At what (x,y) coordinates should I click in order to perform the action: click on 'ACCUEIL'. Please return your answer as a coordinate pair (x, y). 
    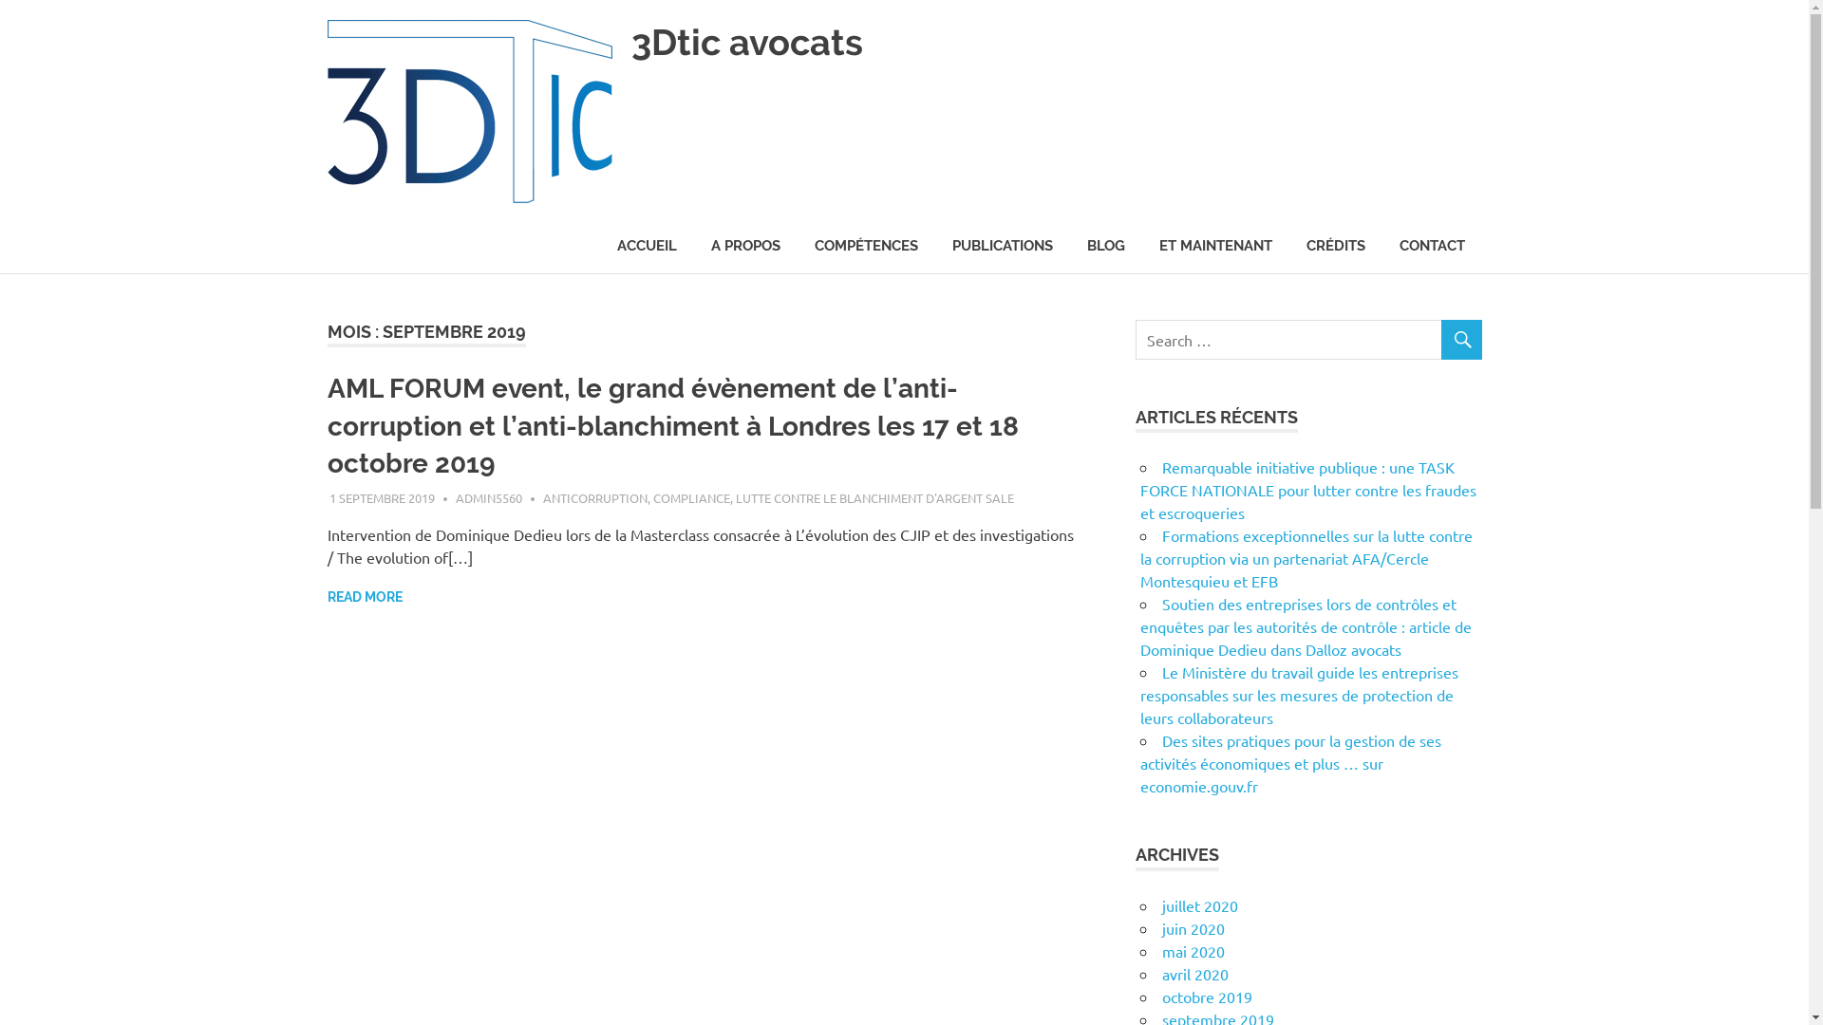
    Looking at the image, I should click on (647, 245).